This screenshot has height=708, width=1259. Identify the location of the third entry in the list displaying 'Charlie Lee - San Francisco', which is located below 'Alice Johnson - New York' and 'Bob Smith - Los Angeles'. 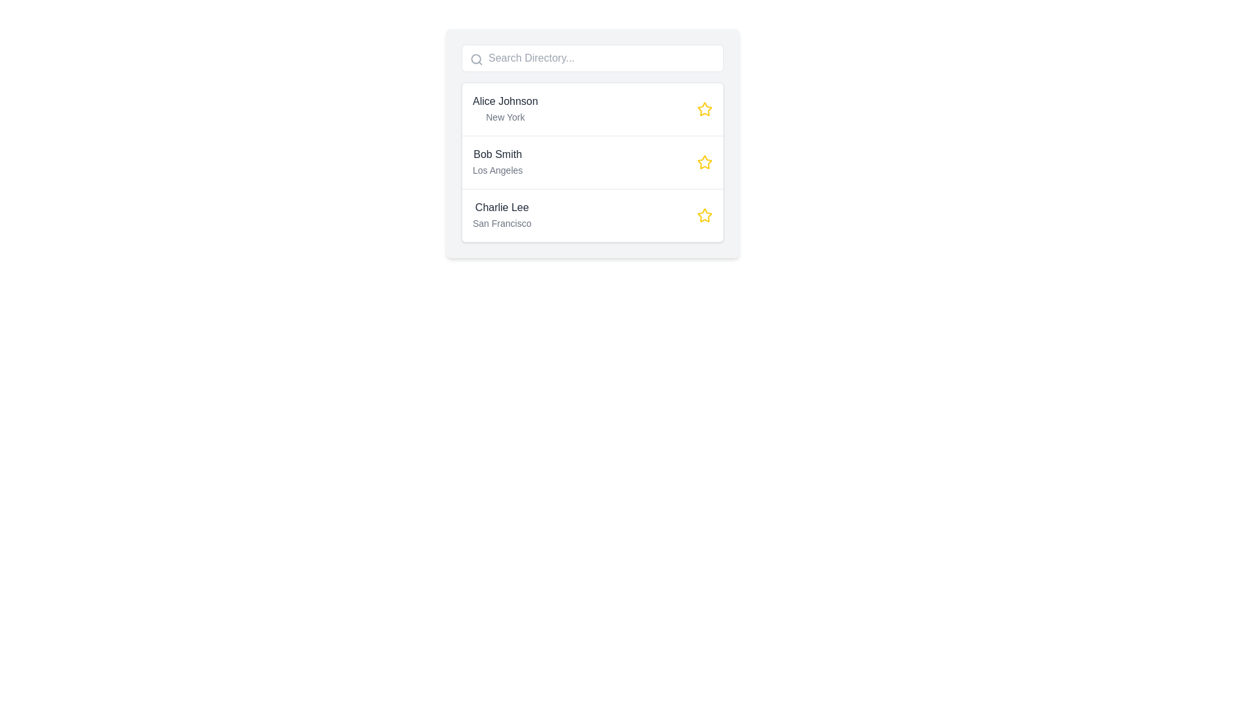
(501, 214).